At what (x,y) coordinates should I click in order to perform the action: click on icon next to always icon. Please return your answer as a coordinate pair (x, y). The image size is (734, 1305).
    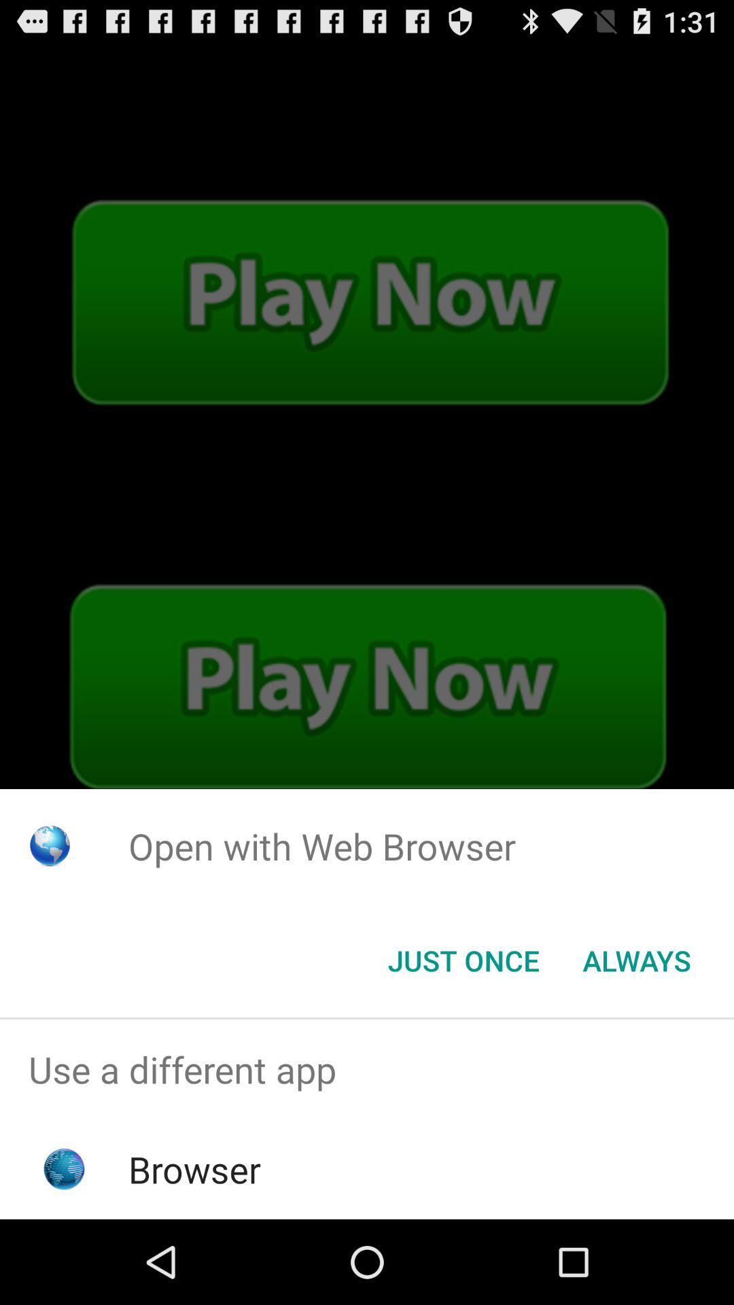
    Looking at the image, I should click on (463, 959).